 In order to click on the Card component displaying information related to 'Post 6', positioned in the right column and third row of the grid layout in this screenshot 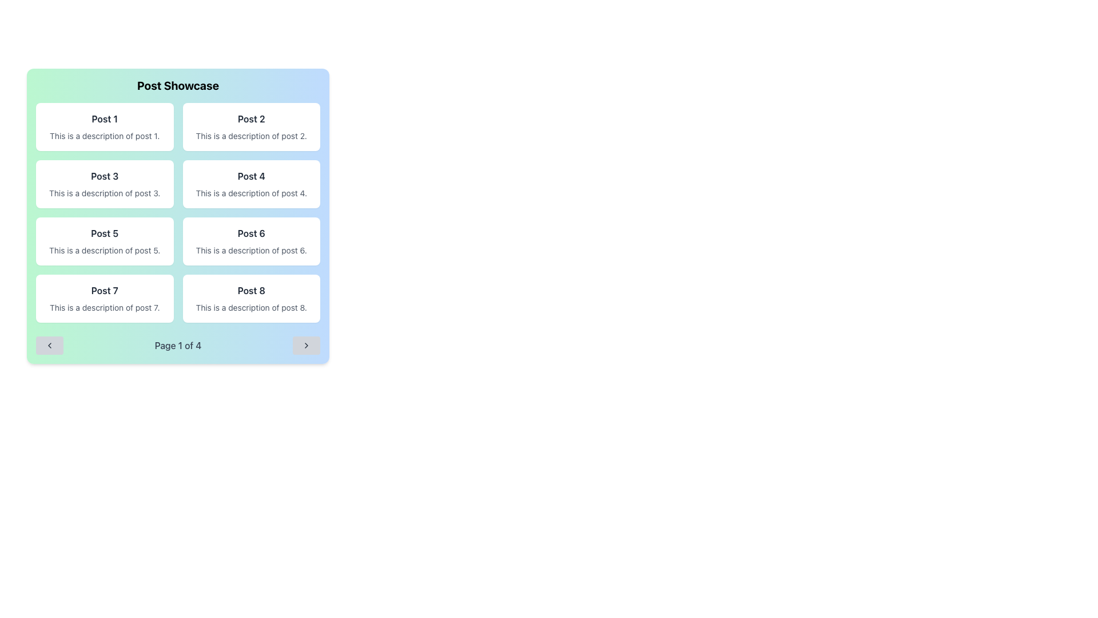, I will do `click(250, 240)`.